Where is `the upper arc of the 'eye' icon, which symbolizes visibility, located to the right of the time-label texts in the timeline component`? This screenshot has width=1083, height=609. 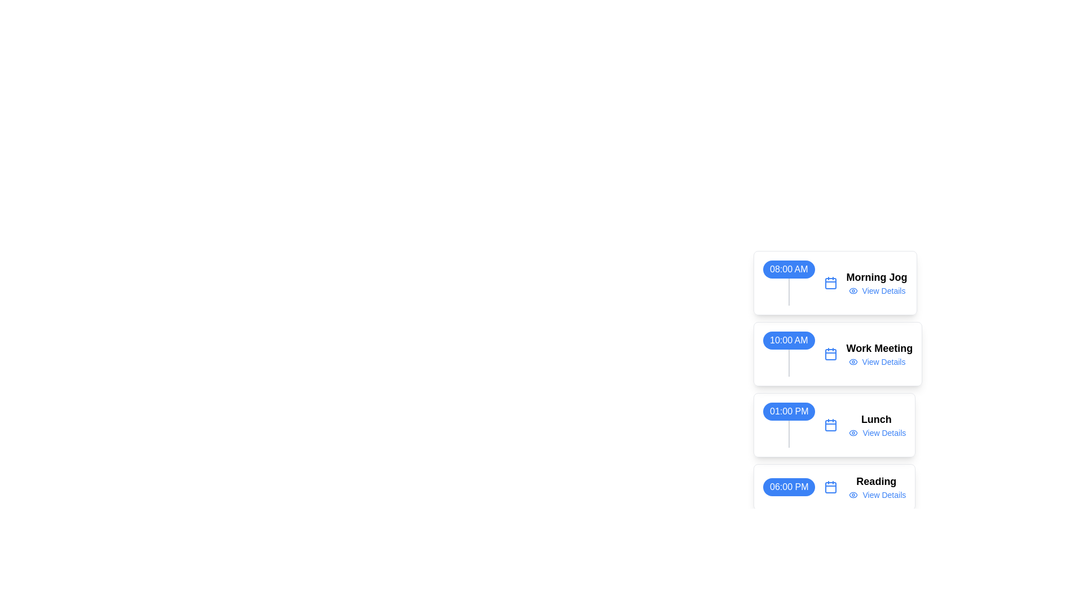
the upper arc of the 'eye' icon, which symbolizes visibility, located to the right of the time-label texts in the timeline component is located at coordinates (853, 361).